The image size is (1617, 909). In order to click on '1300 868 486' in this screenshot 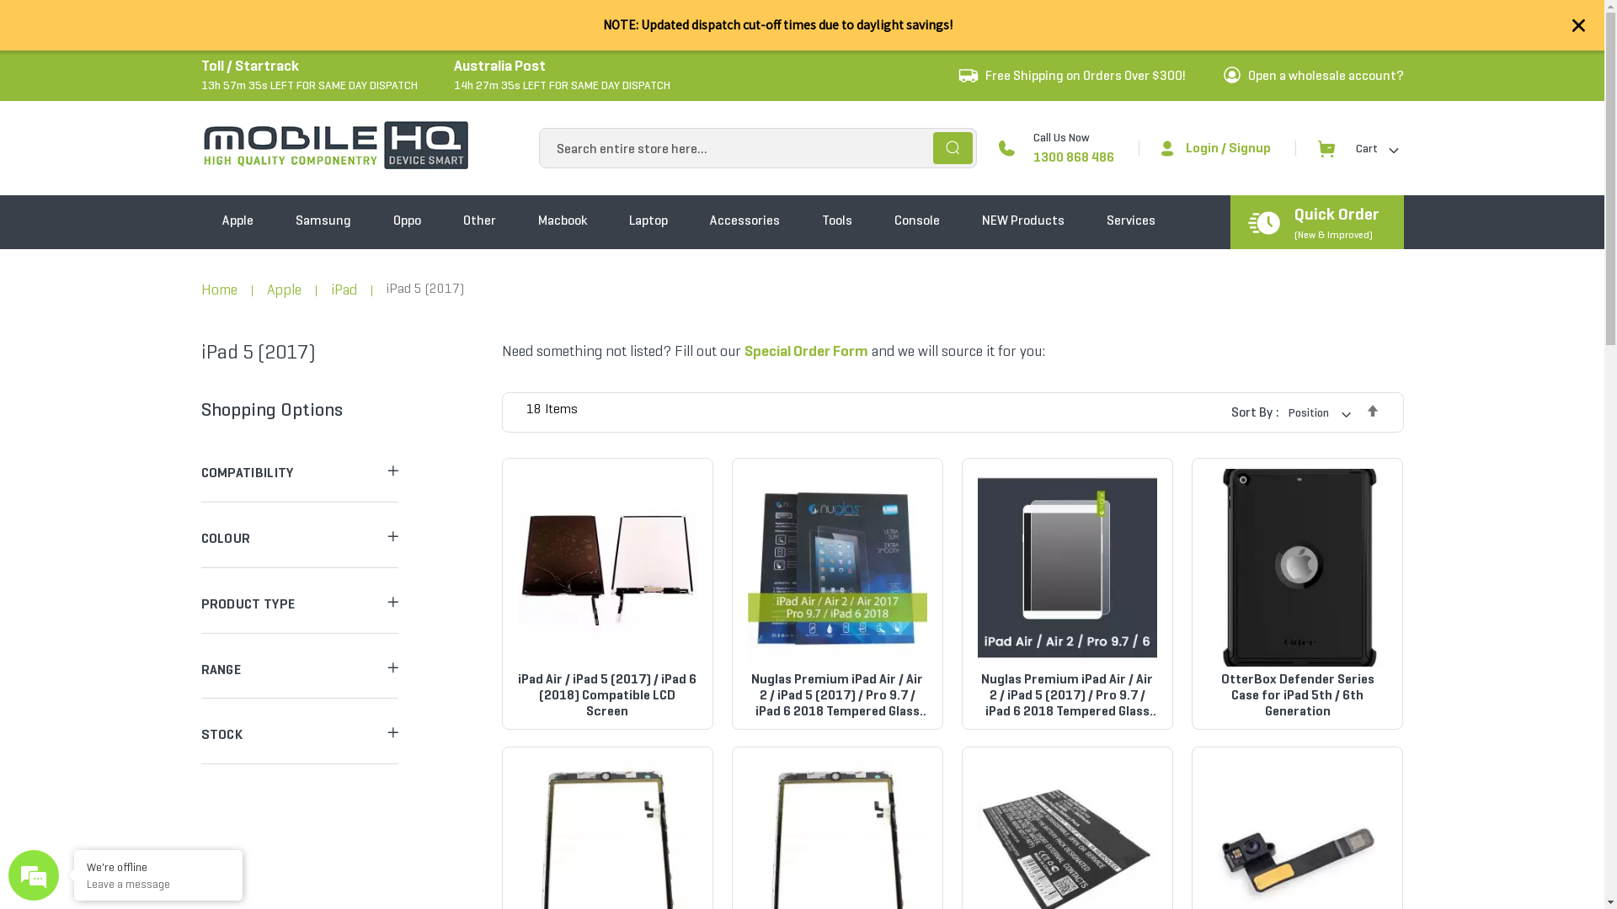, I will do `click(1073, 106)`.